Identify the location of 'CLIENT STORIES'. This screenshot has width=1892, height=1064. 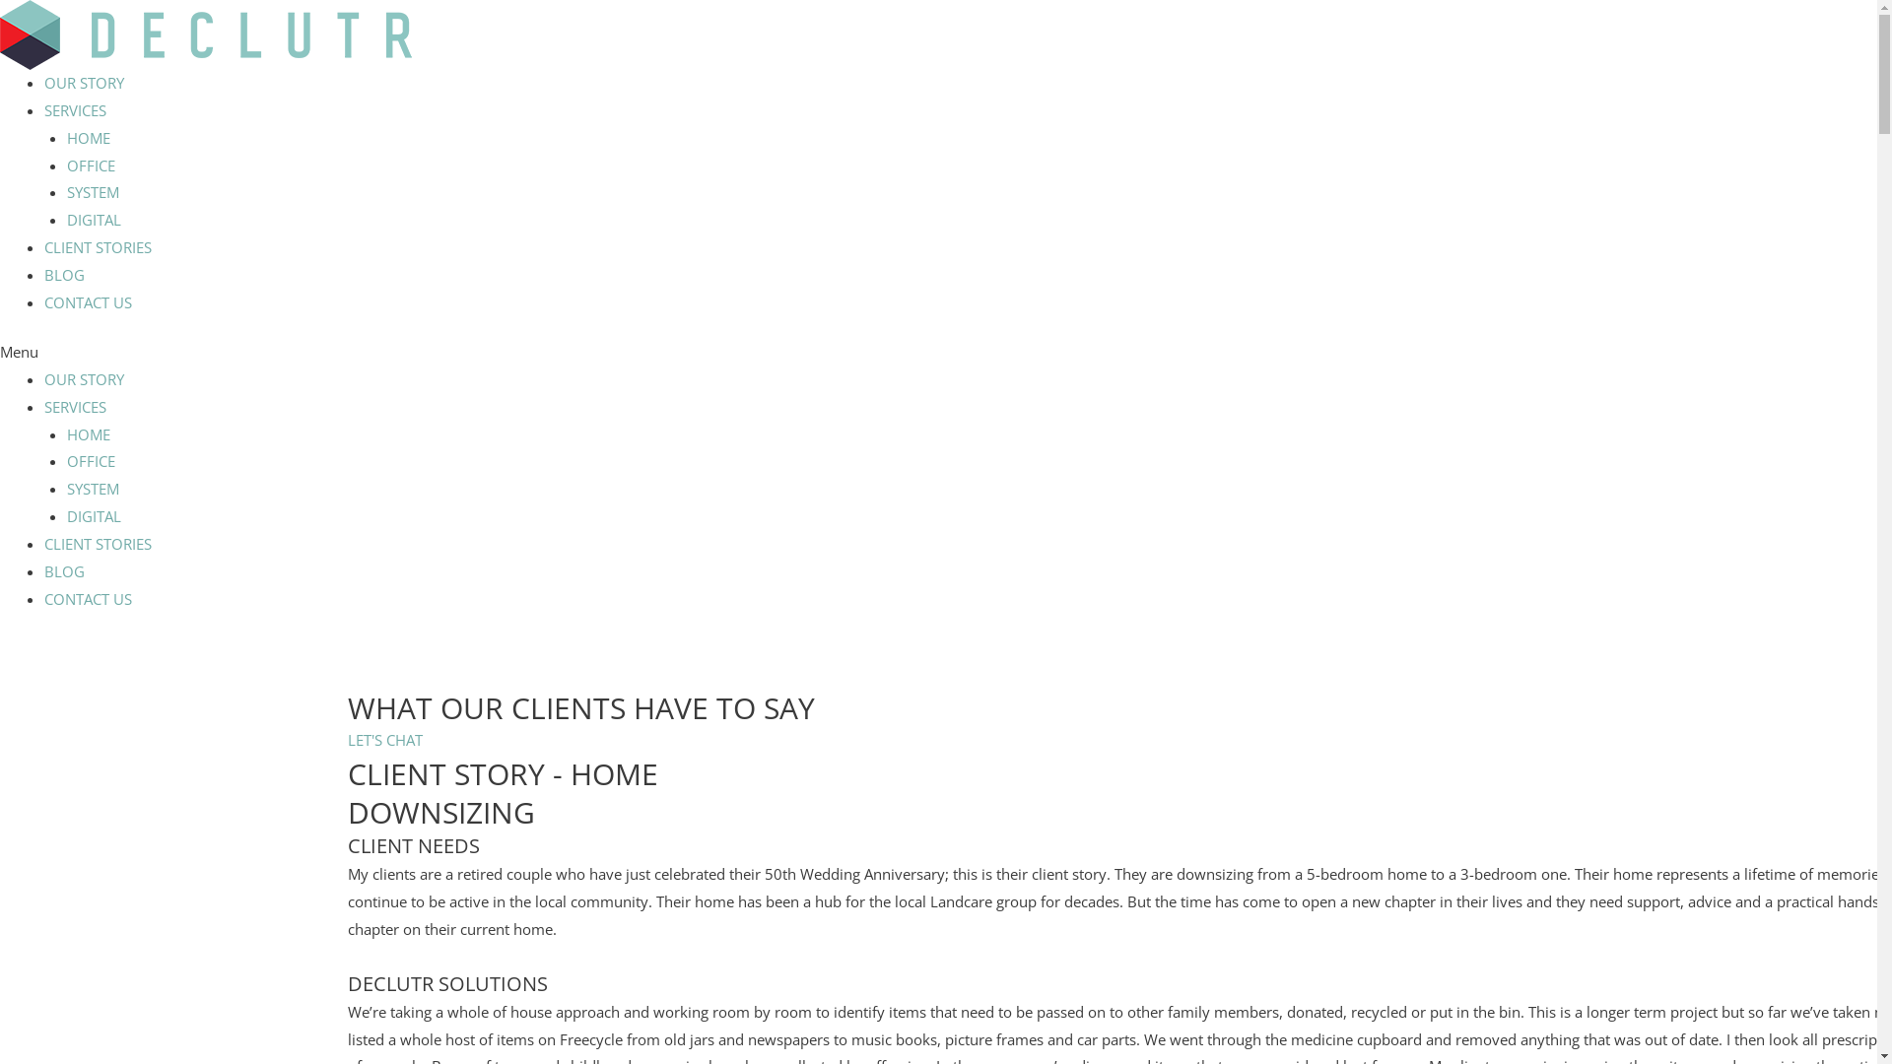
(43, 543).